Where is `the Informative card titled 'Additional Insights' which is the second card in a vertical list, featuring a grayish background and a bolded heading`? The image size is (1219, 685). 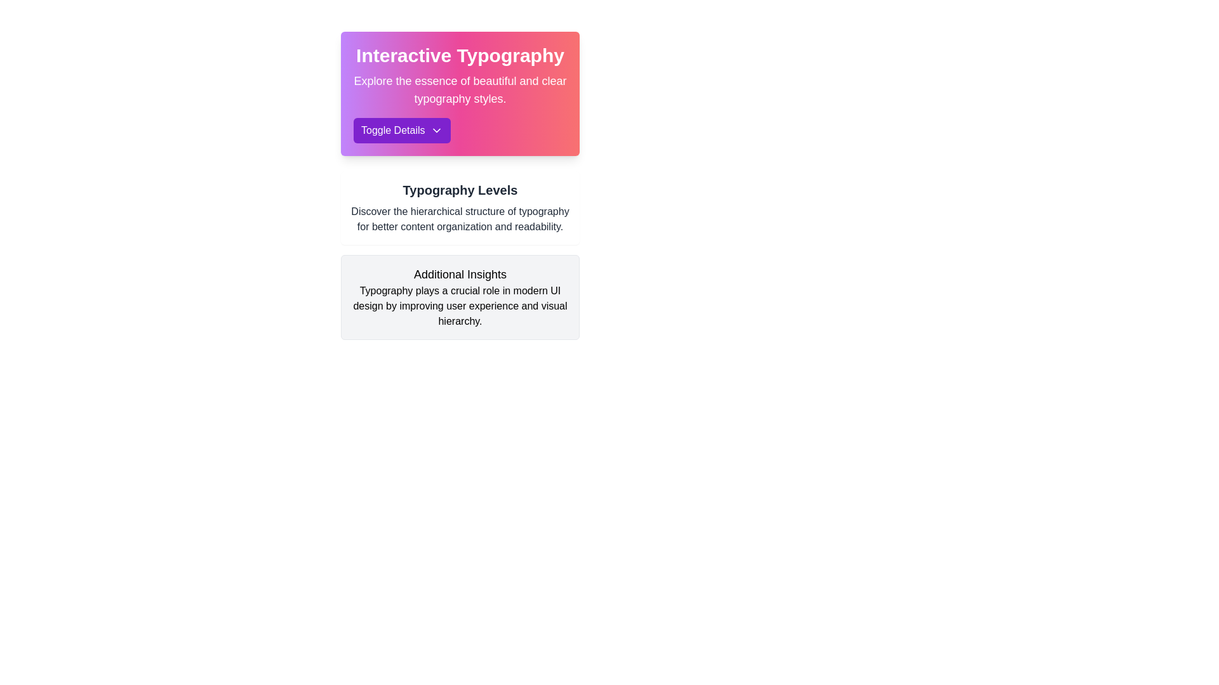
the Informative card titled 'Additional Insights' which is the second card in a vertical list, featuring a grayish background and a bolded heading is located at coordinates (459, 297).